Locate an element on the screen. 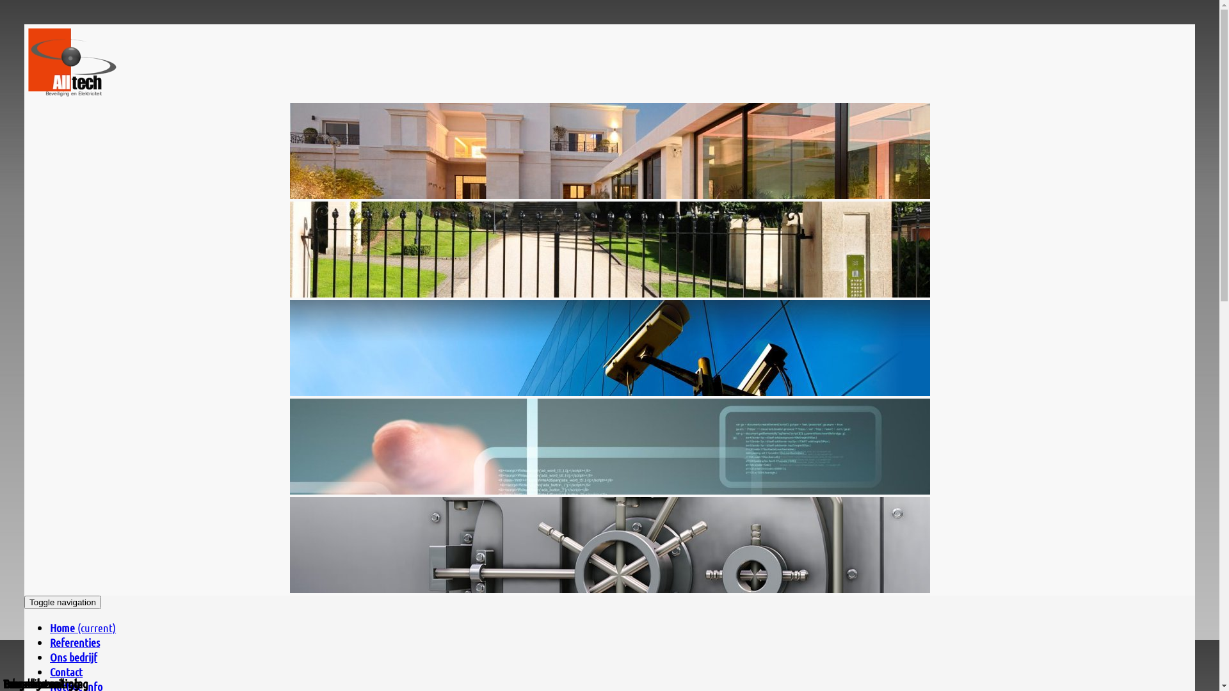 This screenshot has width=1229, height=691. 'Referenties' is located at coordinates (74, 642).